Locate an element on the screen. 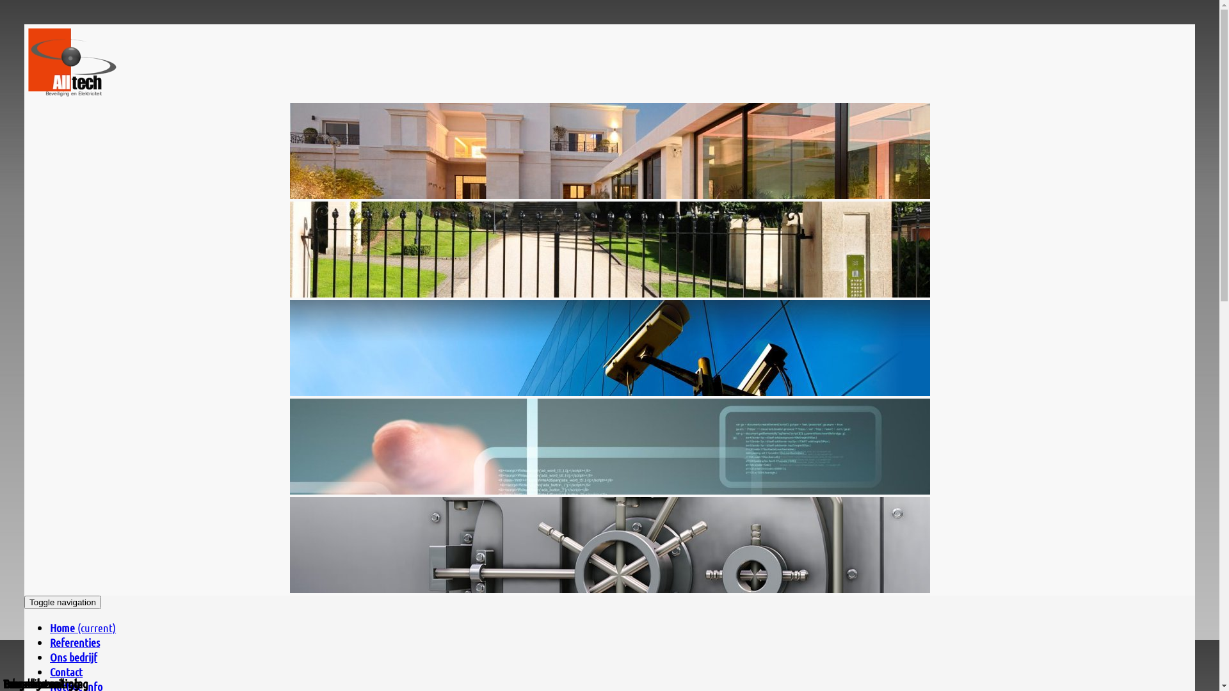 This screenshot has width=1229, height=691. 'Referenties' is located at coordinates (74, 642).